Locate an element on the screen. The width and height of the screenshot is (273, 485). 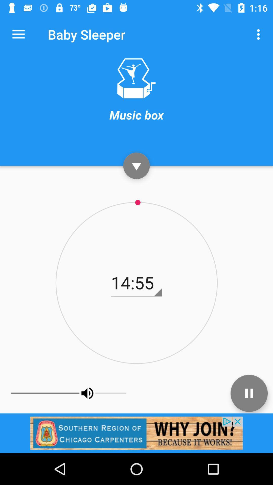
play is located at coordinates (136, 166).